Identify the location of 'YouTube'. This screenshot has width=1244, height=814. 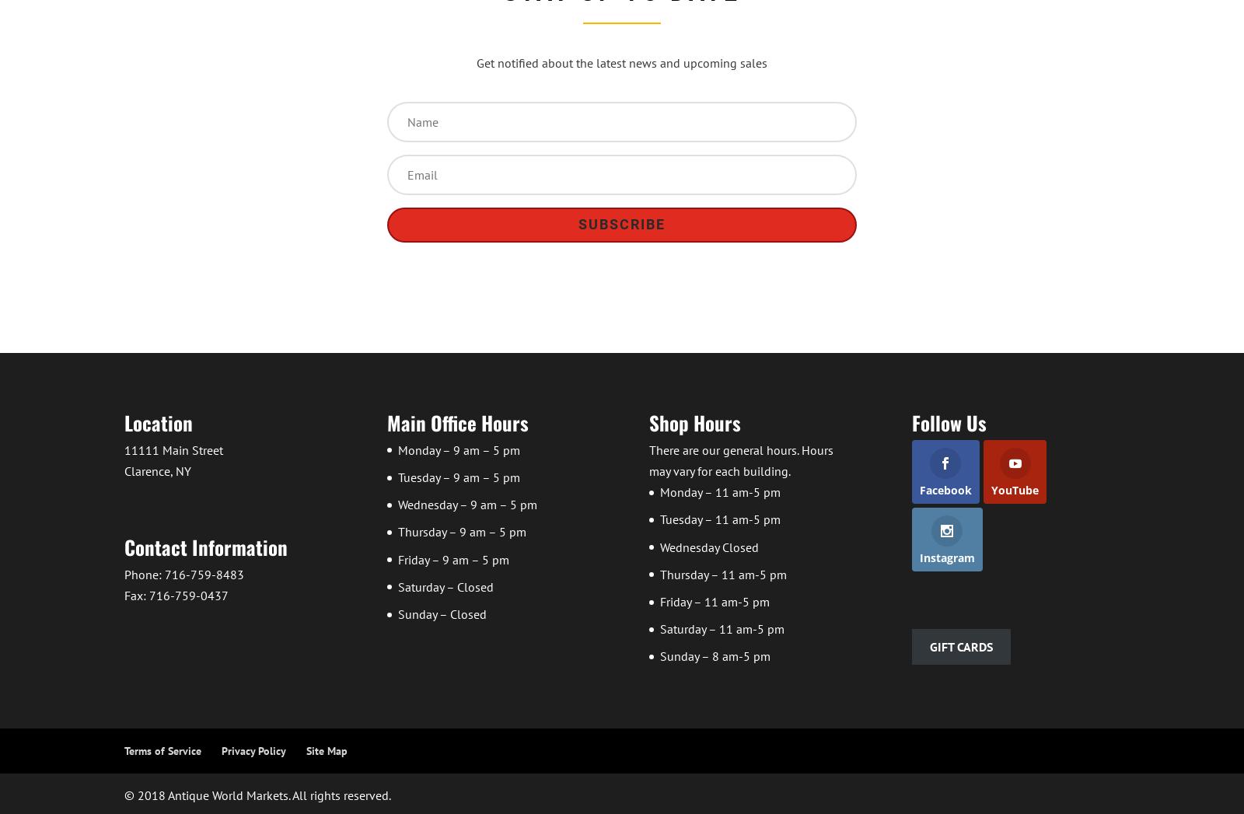
(991, 489).